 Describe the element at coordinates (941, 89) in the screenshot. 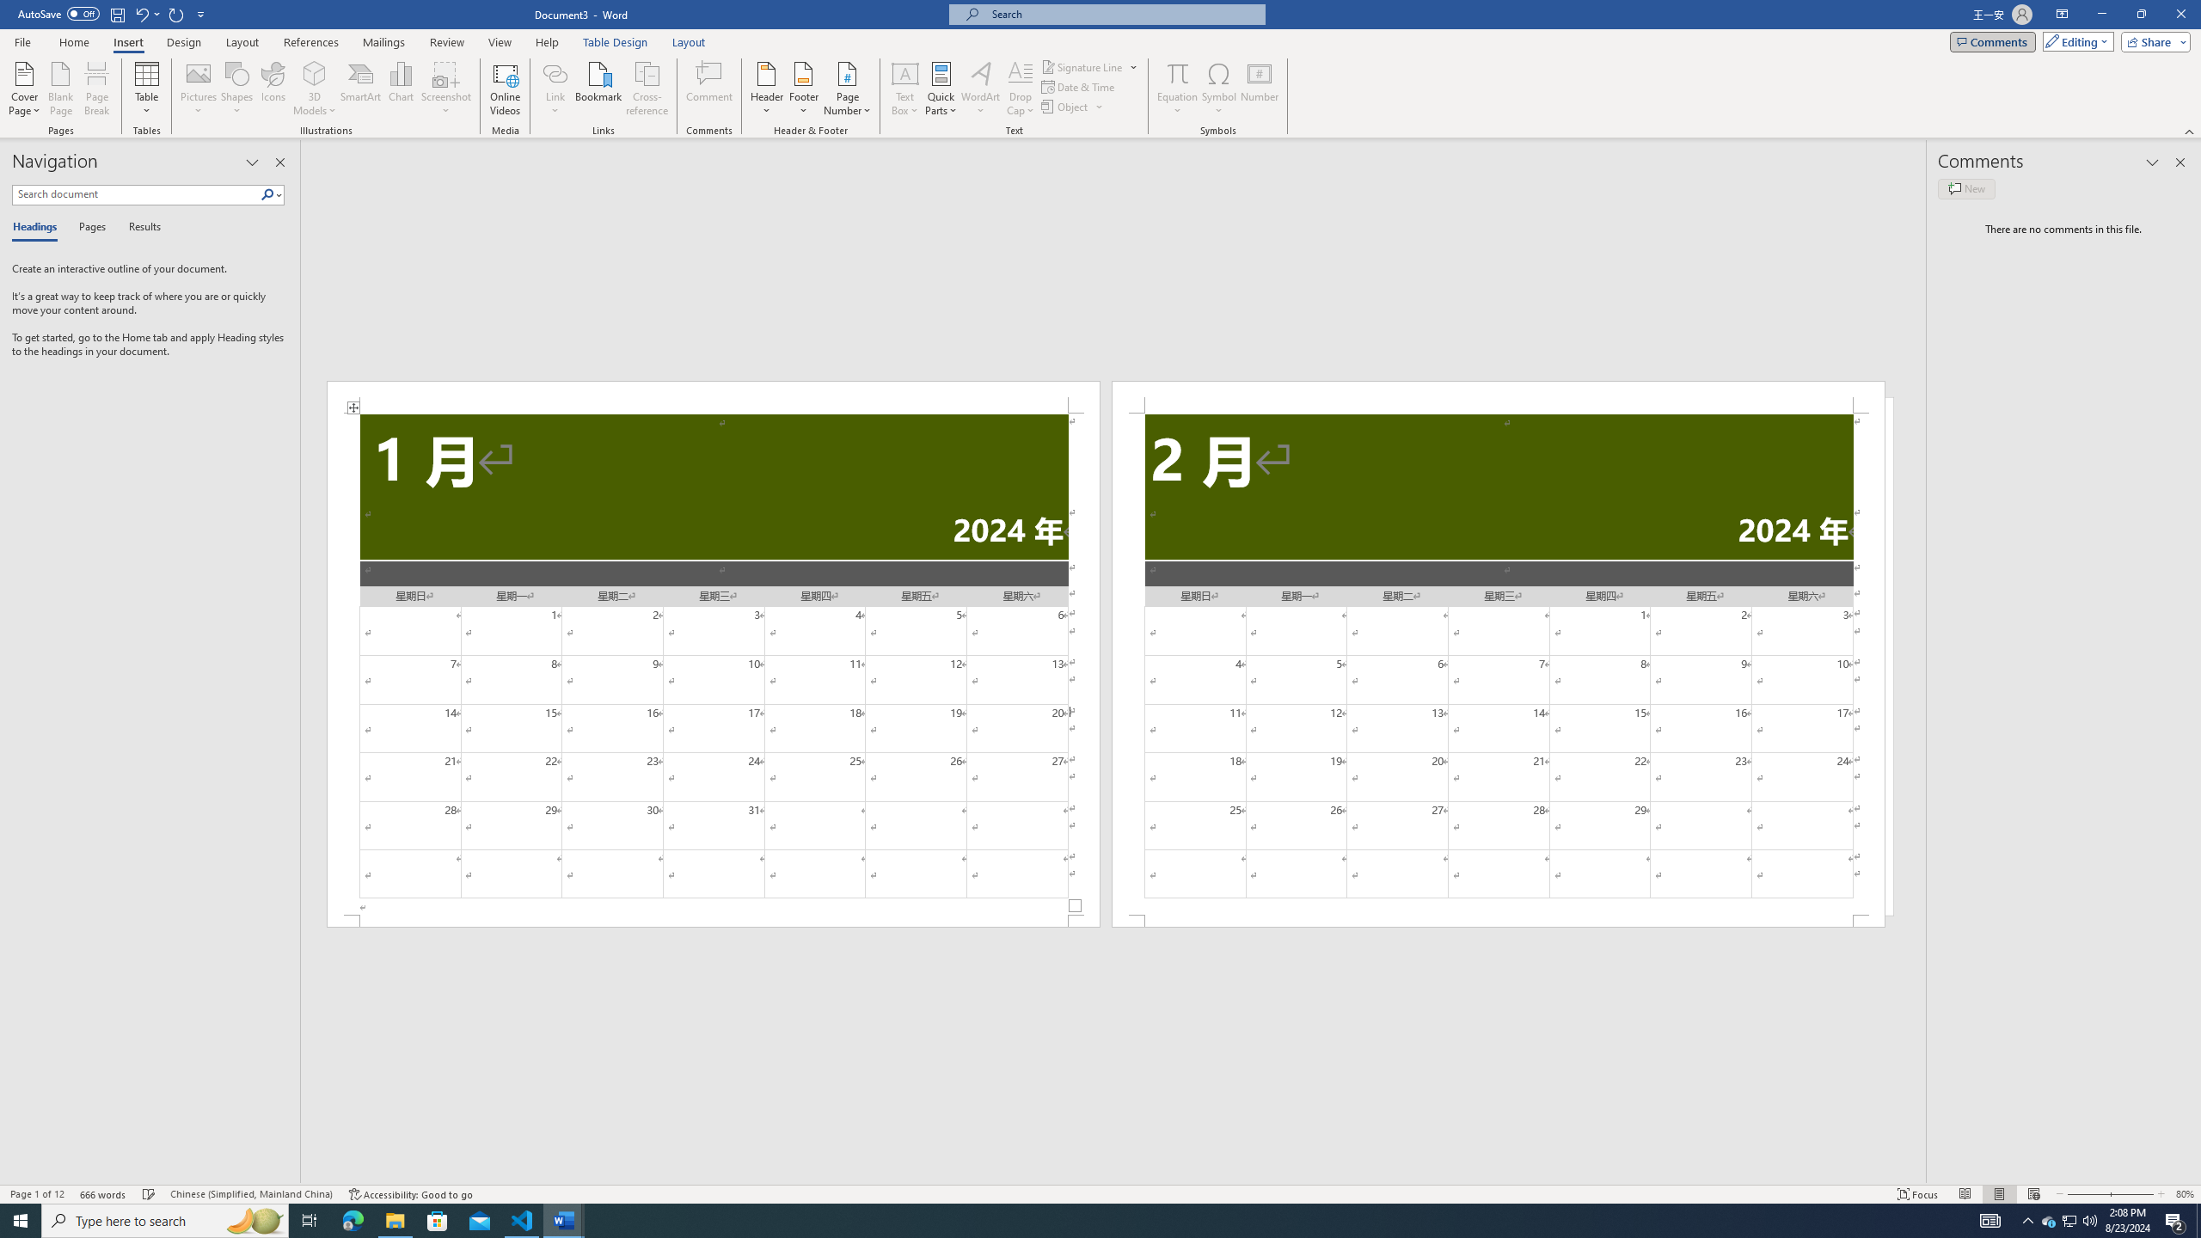

I see `'Quick Parts'` at that location.